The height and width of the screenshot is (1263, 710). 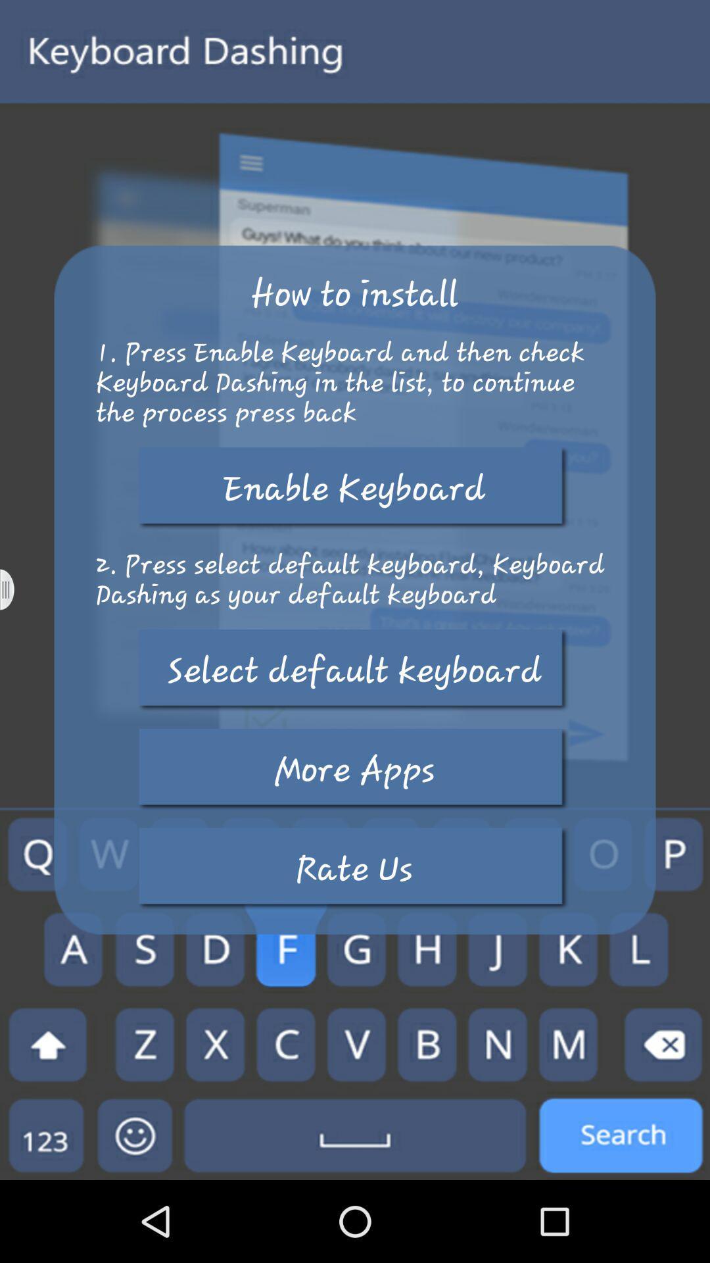 What do you see at coordinates (354, 868) in the screenshot?
I see `icon at the bottom` at bounding box center [354, 868].